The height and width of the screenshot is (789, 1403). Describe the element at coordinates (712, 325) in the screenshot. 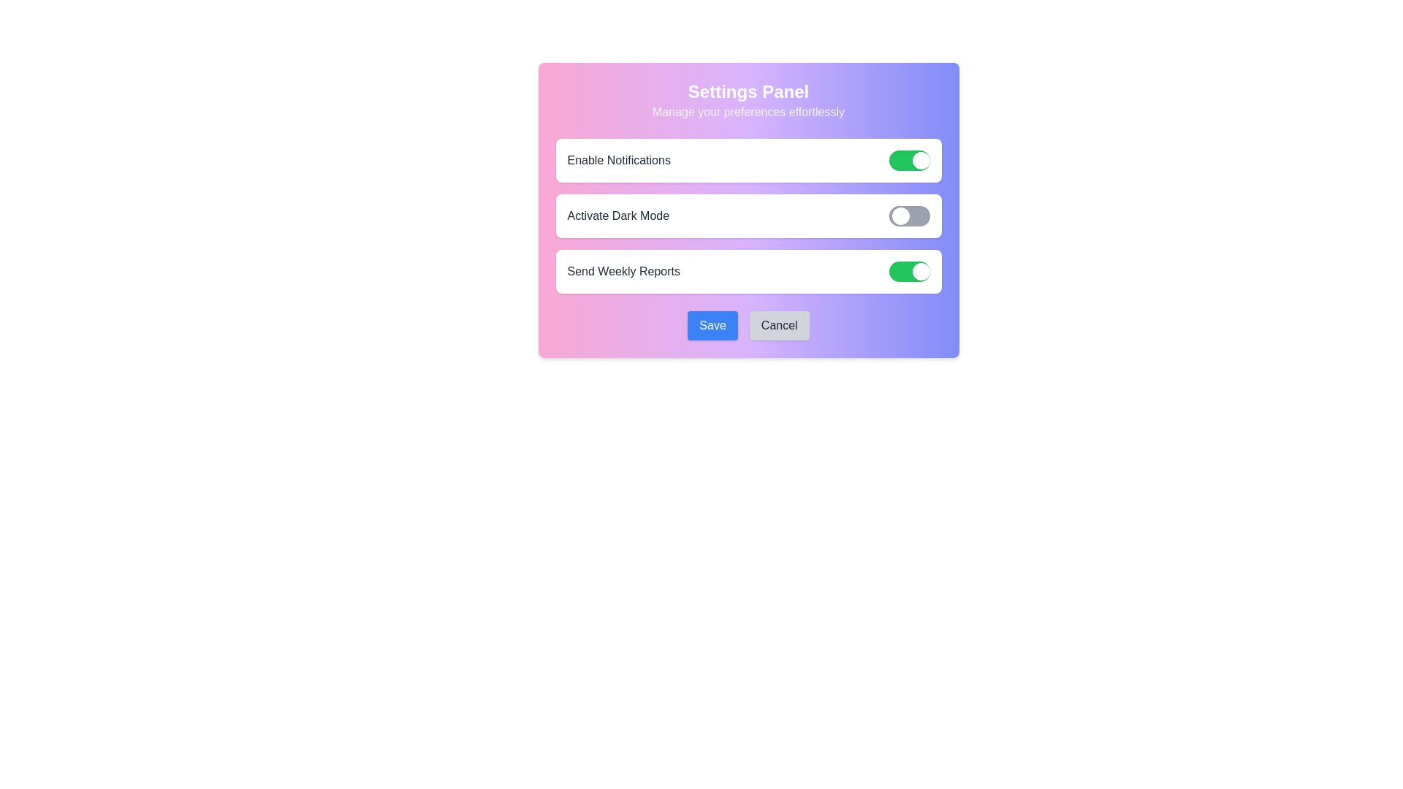

I see `the 'Save' button to apply changes` at that location.